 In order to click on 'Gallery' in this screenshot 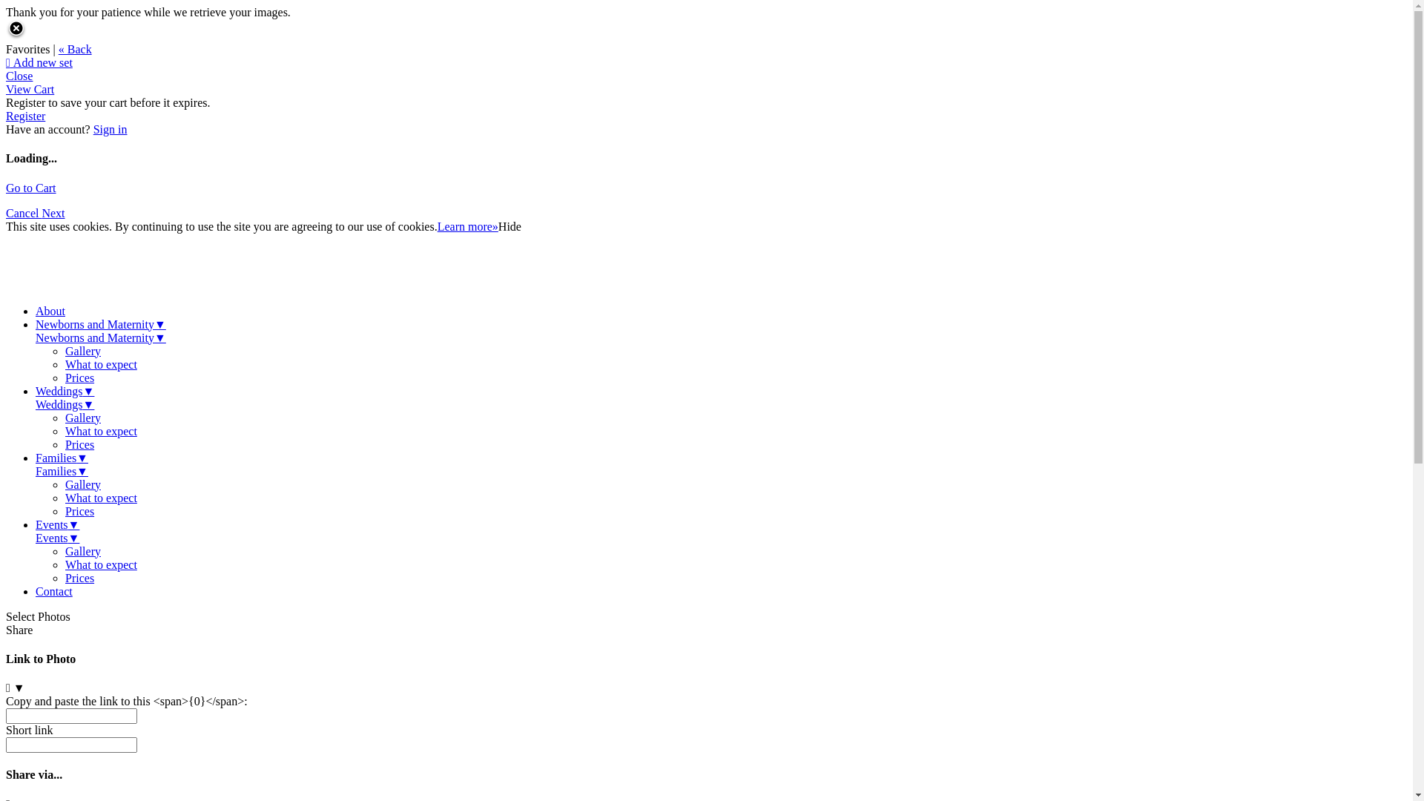, I will do `click(82, 551)`.